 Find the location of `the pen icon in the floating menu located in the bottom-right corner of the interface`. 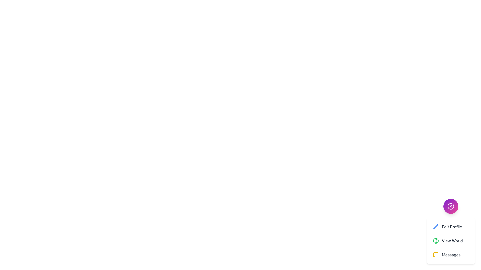

the pen icon in the floating menu located in the bottom-right corner of the interface is located at coordinates (435, 227).